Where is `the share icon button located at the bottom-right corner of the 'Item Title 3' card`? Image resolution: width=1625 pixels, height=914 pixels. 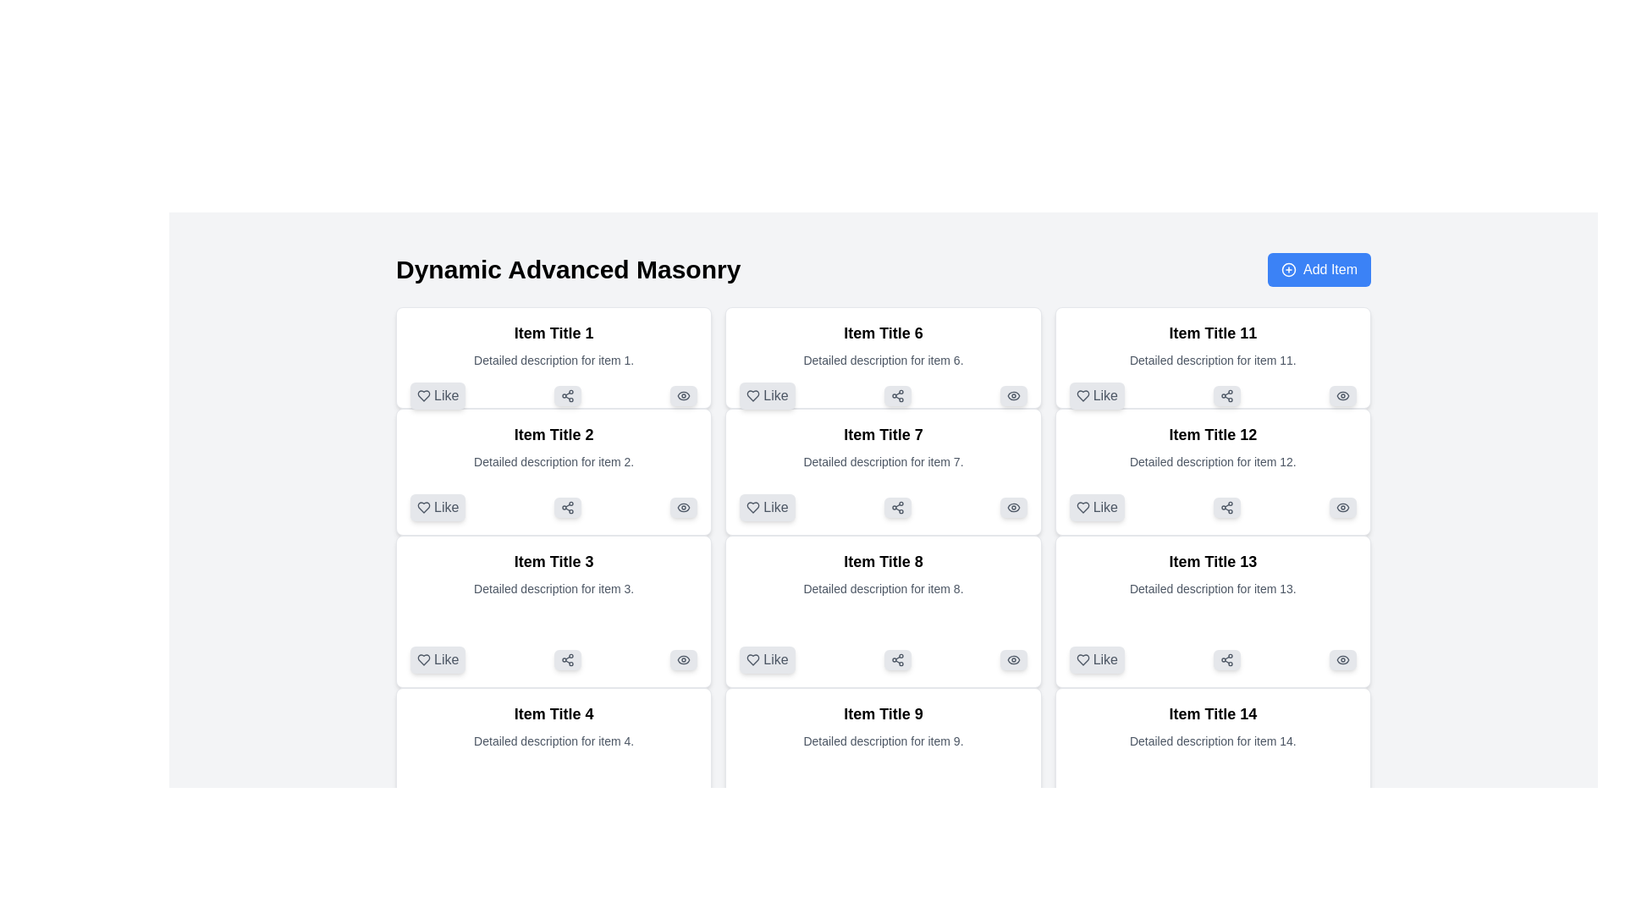 the share icon button located at the bottom-right corner of the 'Item Title 3' card is located at coordinates (568, 658).